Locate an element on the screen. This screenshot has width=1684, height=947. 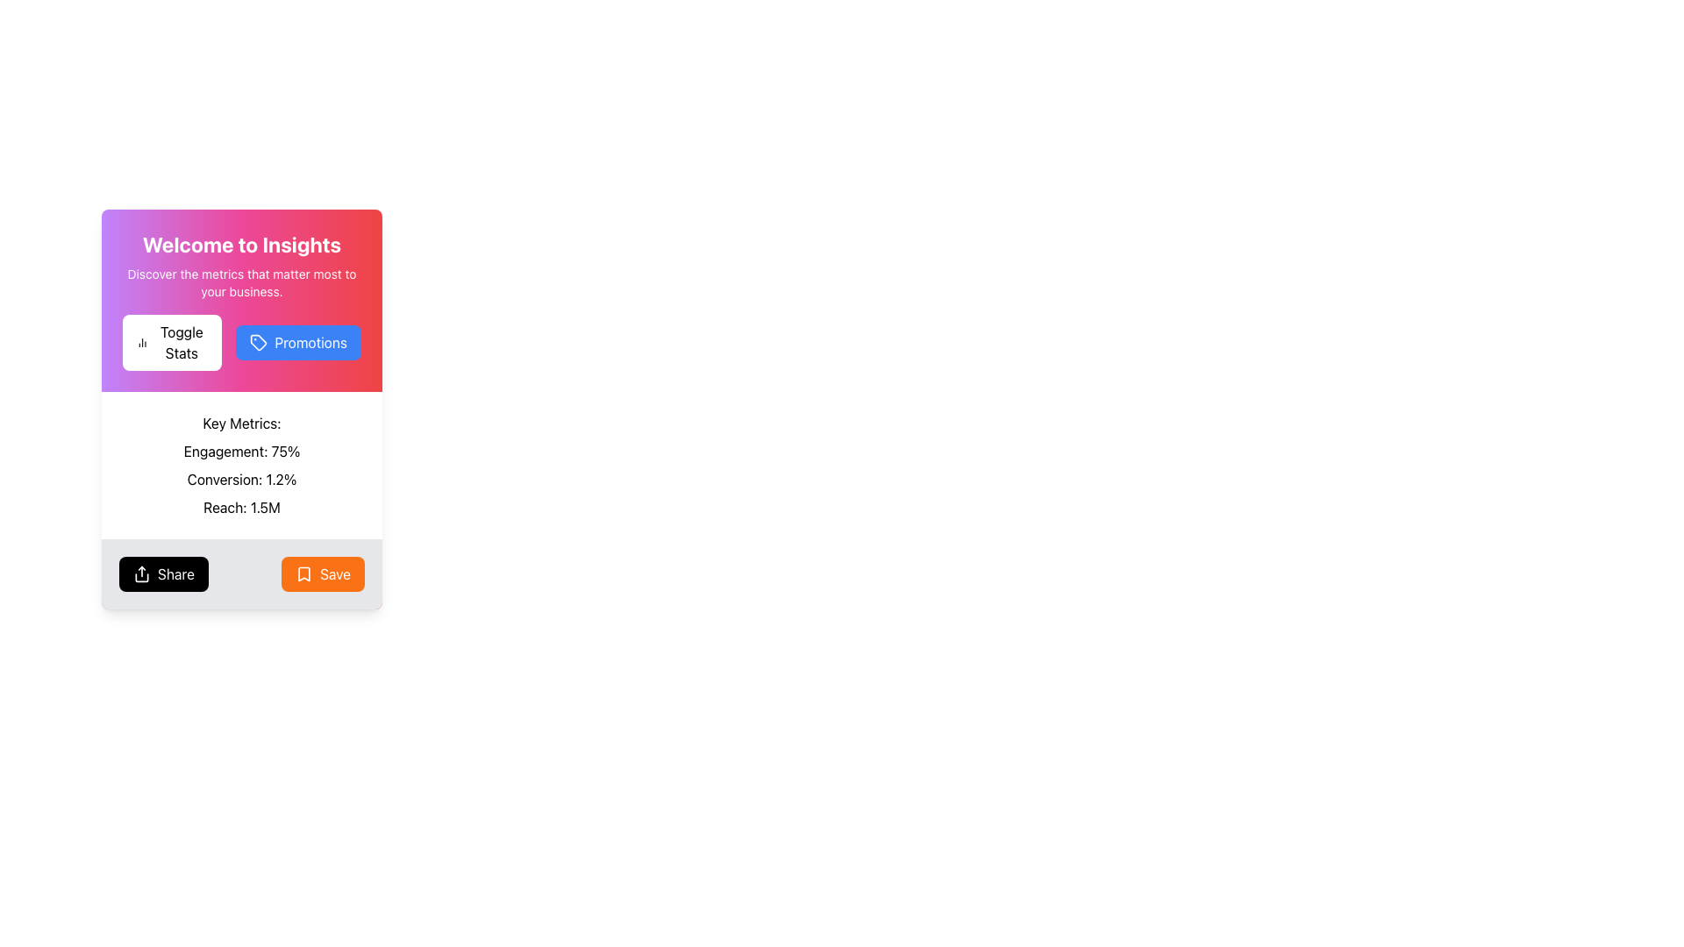
the Text Display element that shows the engagement percentage metric, located in the 'Key Metrics:' section, above 'Conversion: 1.2%' and 'Reach: 1.5M' is located at coordinates (240, 451).